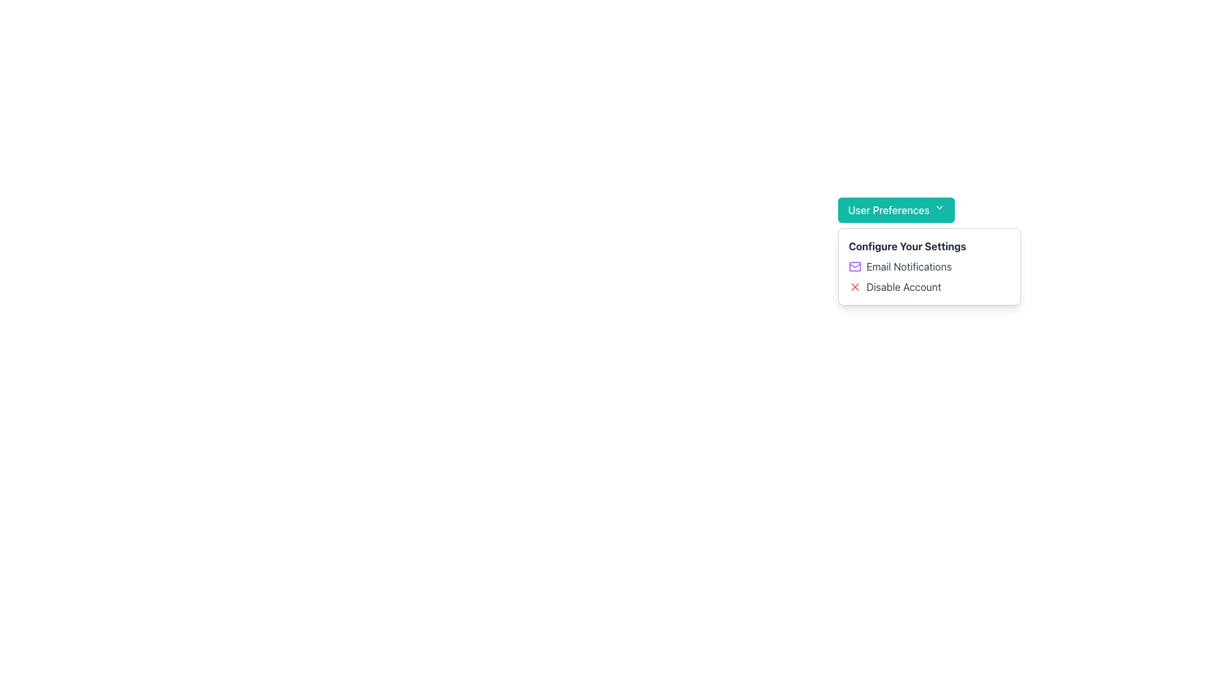 This screenshot has width=1219, height=686. I want to click on the 'X' icon which is positioned to the immediate left of the 'Disable Account' text label, part of the 'Configure Your Settings' grouping, so click(855, 286).